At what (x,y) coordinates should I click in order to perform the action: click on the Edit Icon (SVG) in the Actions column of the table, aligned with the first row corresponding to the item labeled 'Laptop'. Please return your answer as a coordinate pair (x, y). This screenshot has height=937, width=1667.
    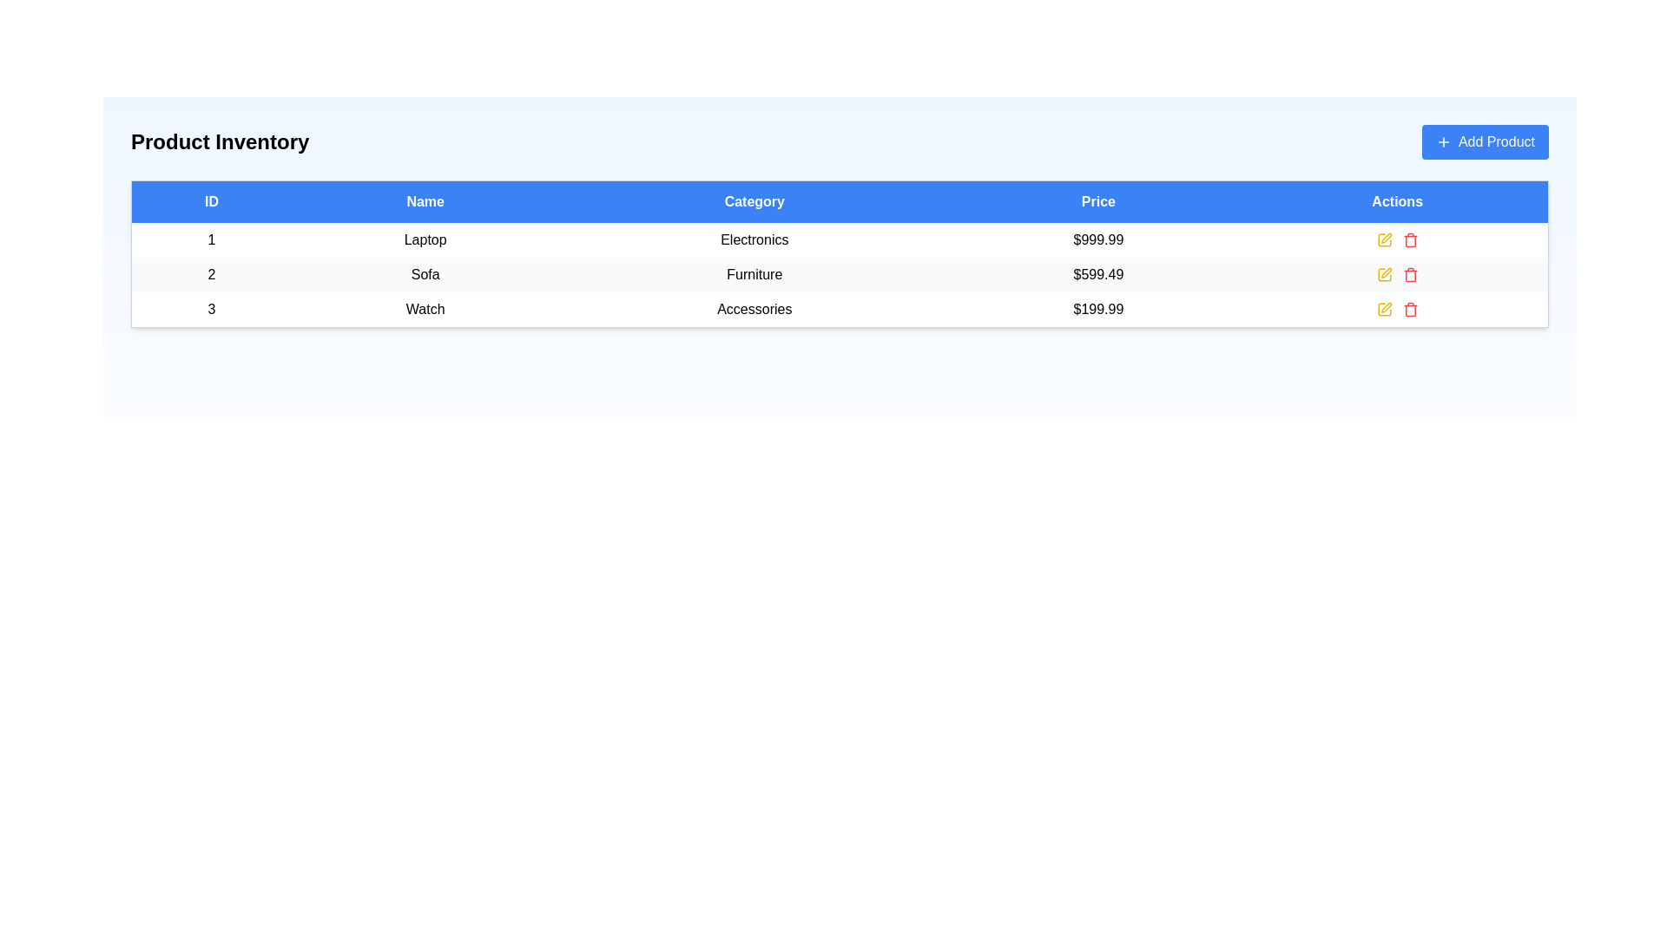
    Looking at the image, I should click on (1385, 238).